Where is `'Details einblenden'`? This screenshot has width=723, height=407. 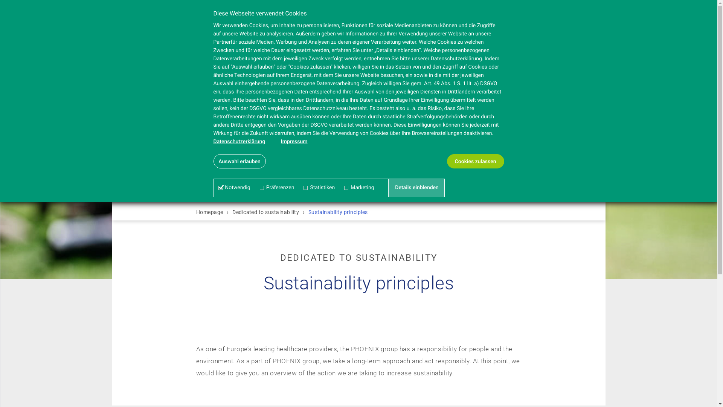
'Details einblenden' is located at coordinates (416, 187).